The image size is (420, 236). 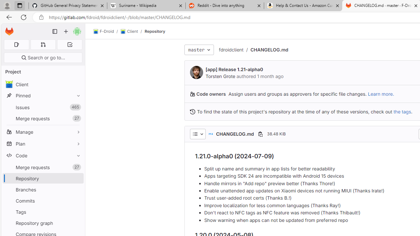 What do you see at coordinates (43, 84) in the screenshot?
I see `'avatar Client'` at bounding box center [43, 84].